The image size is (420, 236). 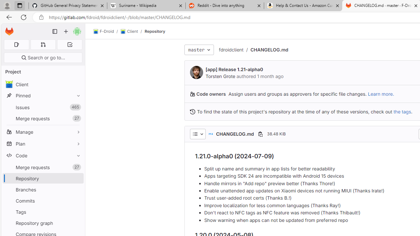 What do you see at coordinates (43, 84) in the screenshot?
I see `'avatar Client'` at bounding box center [43, 84].